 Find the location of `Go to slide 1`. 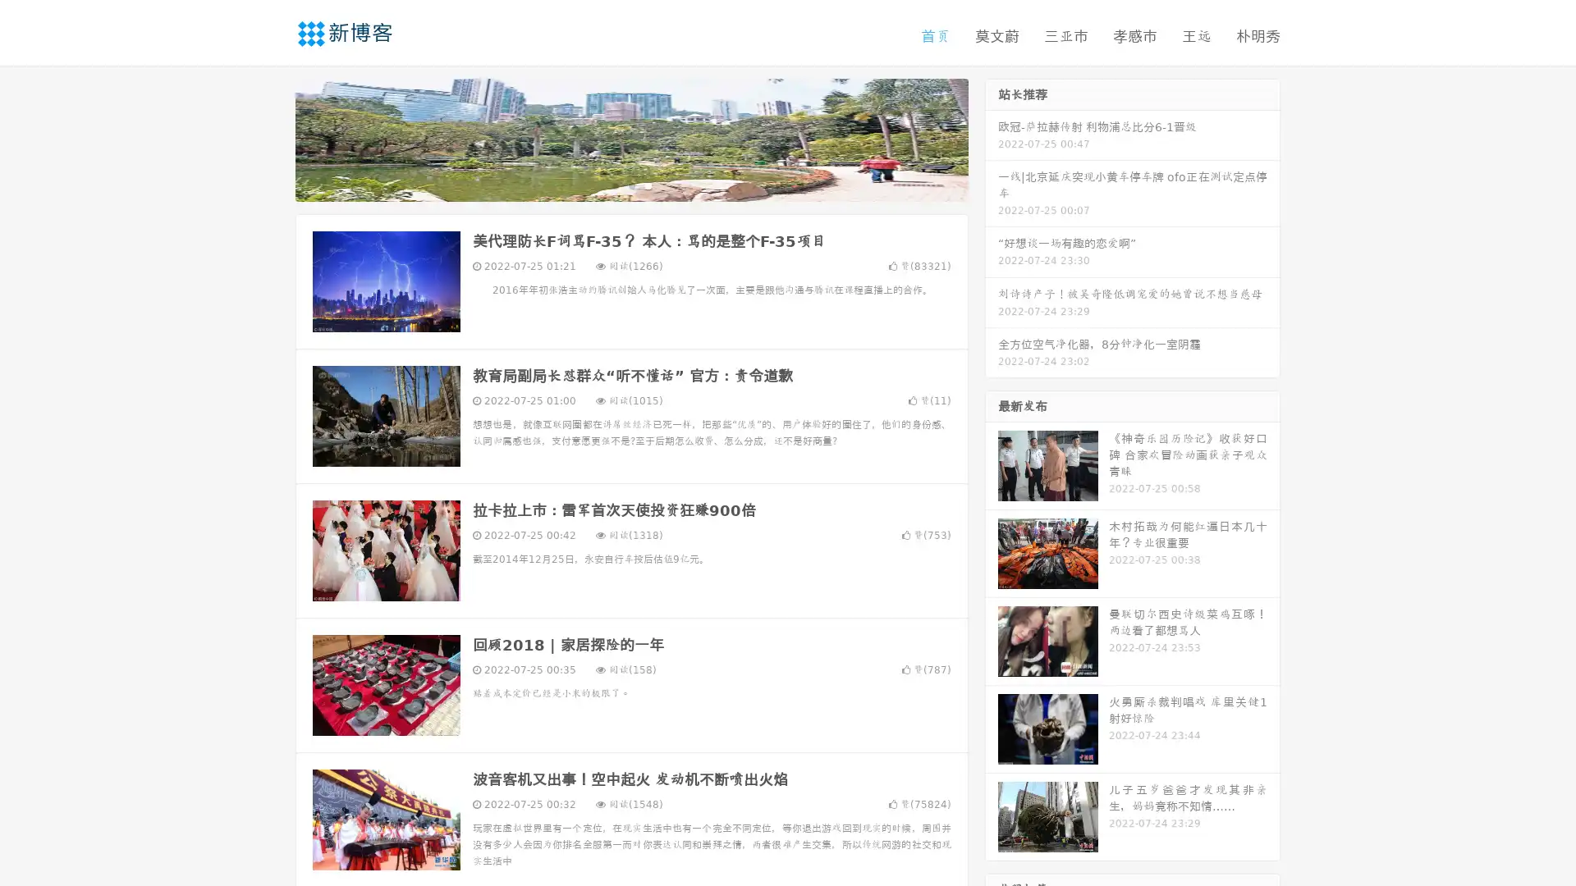

Go to slide 1 is located at coordinates (614, 185).